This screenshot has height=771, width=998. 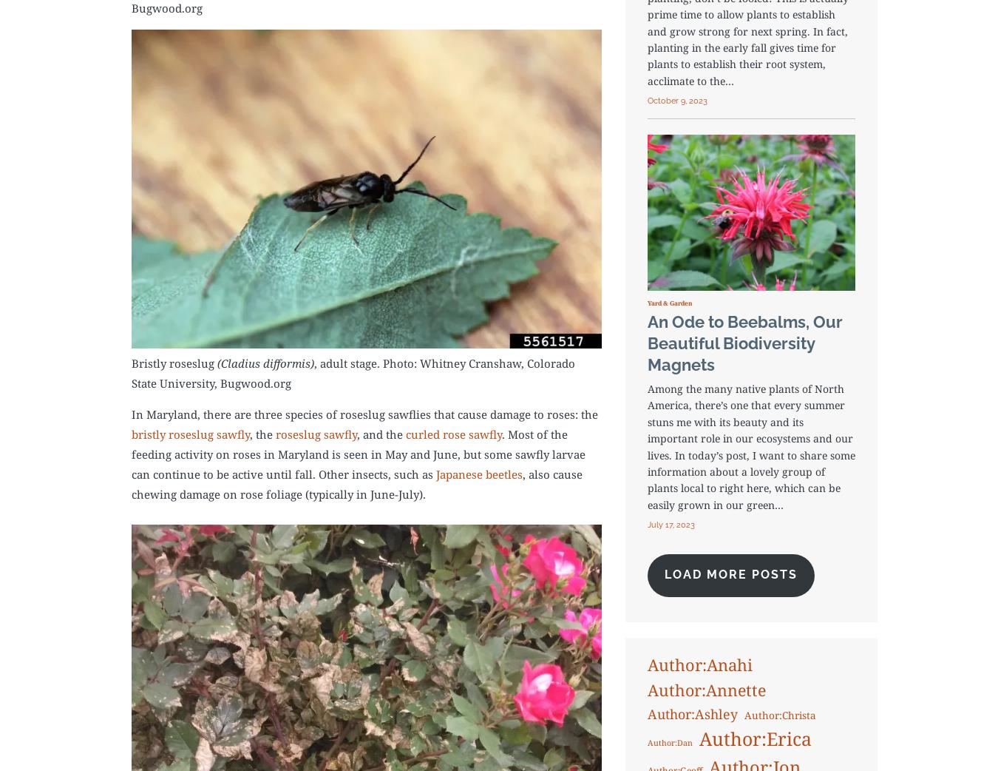 I want to click on 'Yard & Garden', so click(x=668, y=302).